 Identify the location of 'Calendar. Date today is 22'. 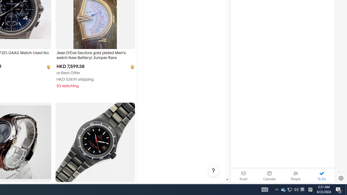
(269, 175).